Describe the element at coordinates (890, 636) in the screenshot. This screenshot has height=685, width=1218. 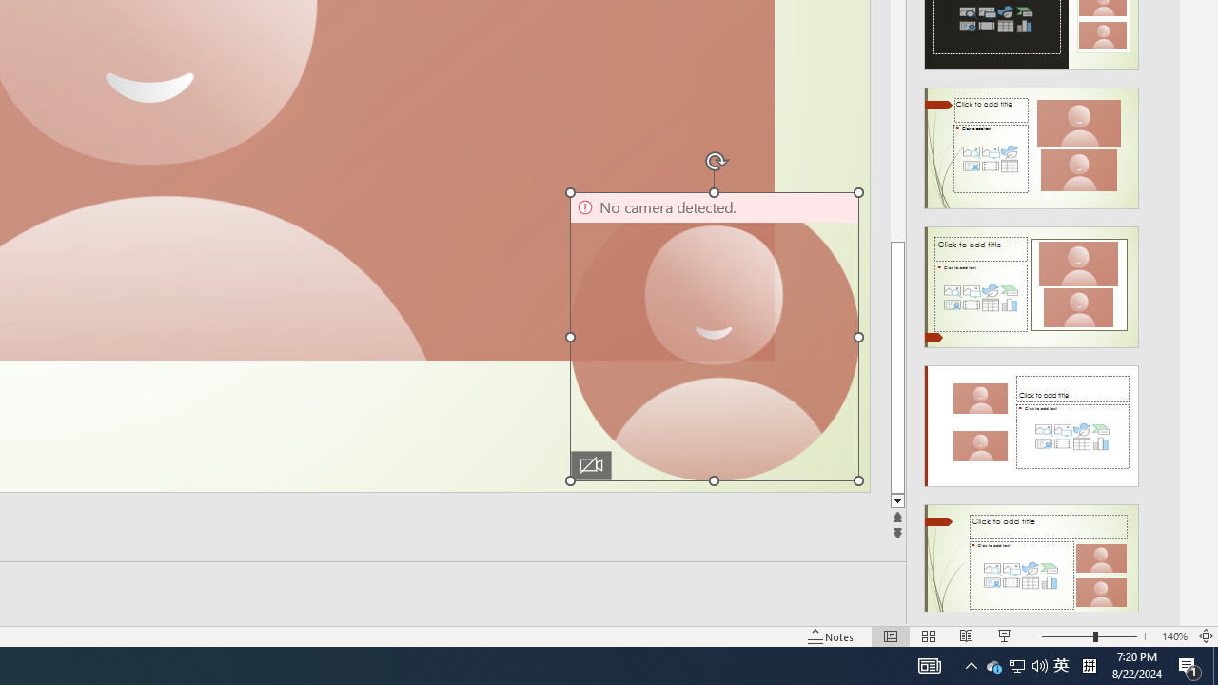
I see `'Normal'` at that location.